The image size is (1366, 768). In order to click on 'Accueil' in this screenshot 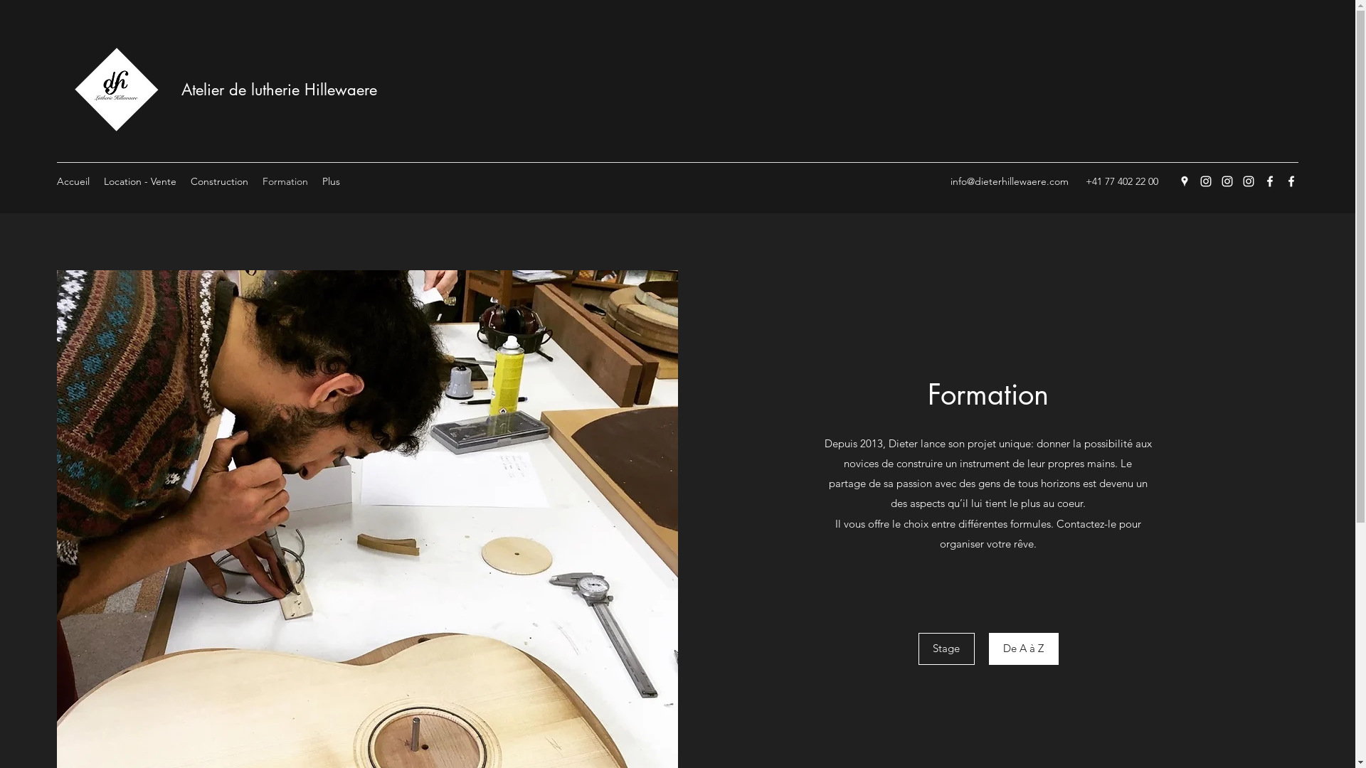, I will do `click(72, 180)`.